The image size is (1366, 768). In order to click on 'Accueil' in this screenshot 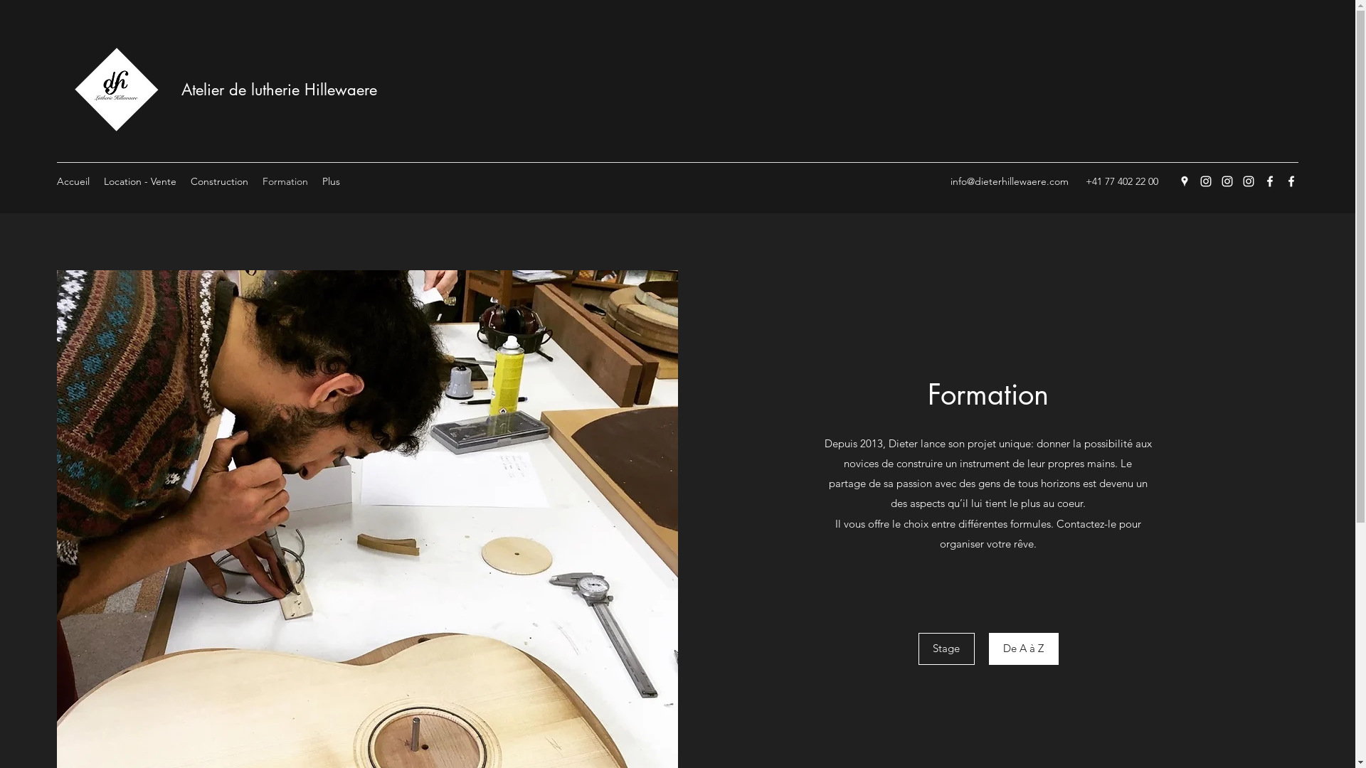, I will do `click(72, 180)`.